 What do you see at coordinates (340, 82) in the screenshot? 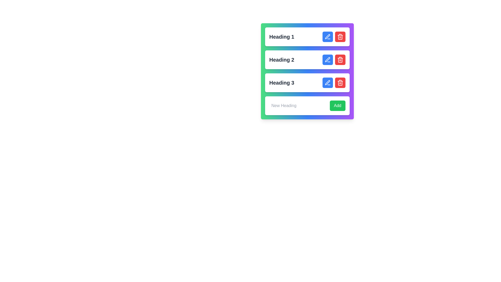
I see `the delete button located on the far right side of the controls for 'Heading 3'` at bounding box center [340, 82].